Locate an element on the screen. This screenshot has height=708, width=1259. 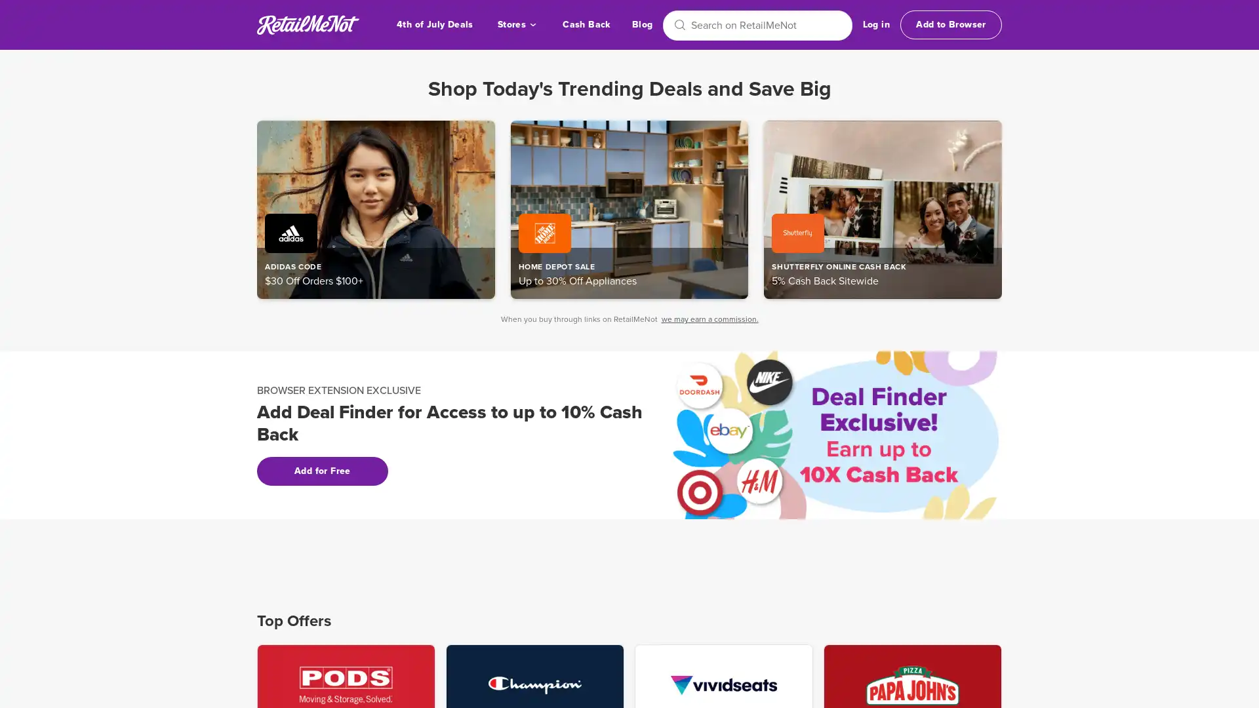
Add for Free is located at coordinates (322, 469).